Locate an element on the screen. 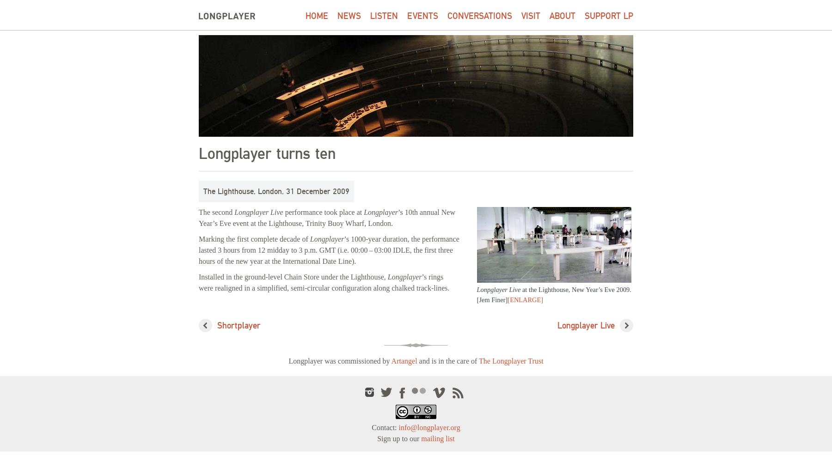 This screenshot has height=462, width=832. '’s 1000-year duration, the performance lasted 3 hours from 12 midday to 3 p.m. GMT (i.e. 00:00 – 03:00 IDLE, the first three hours of the new year at the International Date Line).' is located at coordinates (328, 250).